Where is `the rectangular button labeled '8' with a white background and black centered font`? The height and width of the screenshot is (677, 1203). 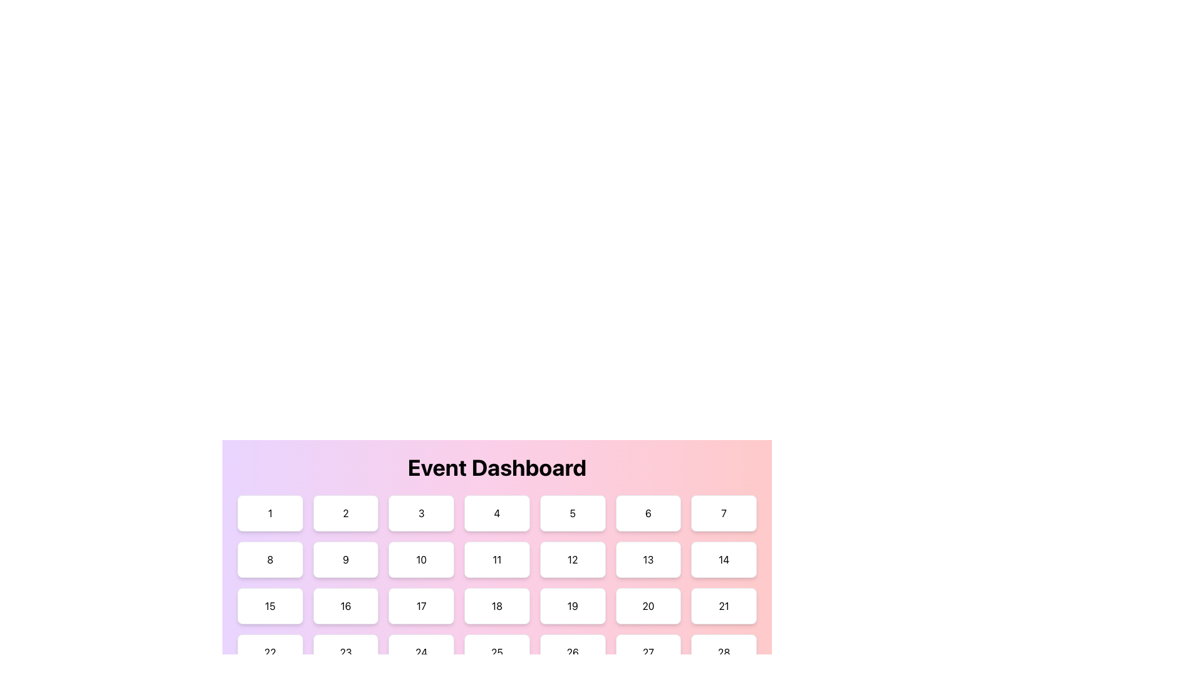
the rectangular button labeled '8' with a white background and black centered font is located at coordinates (269, 559).